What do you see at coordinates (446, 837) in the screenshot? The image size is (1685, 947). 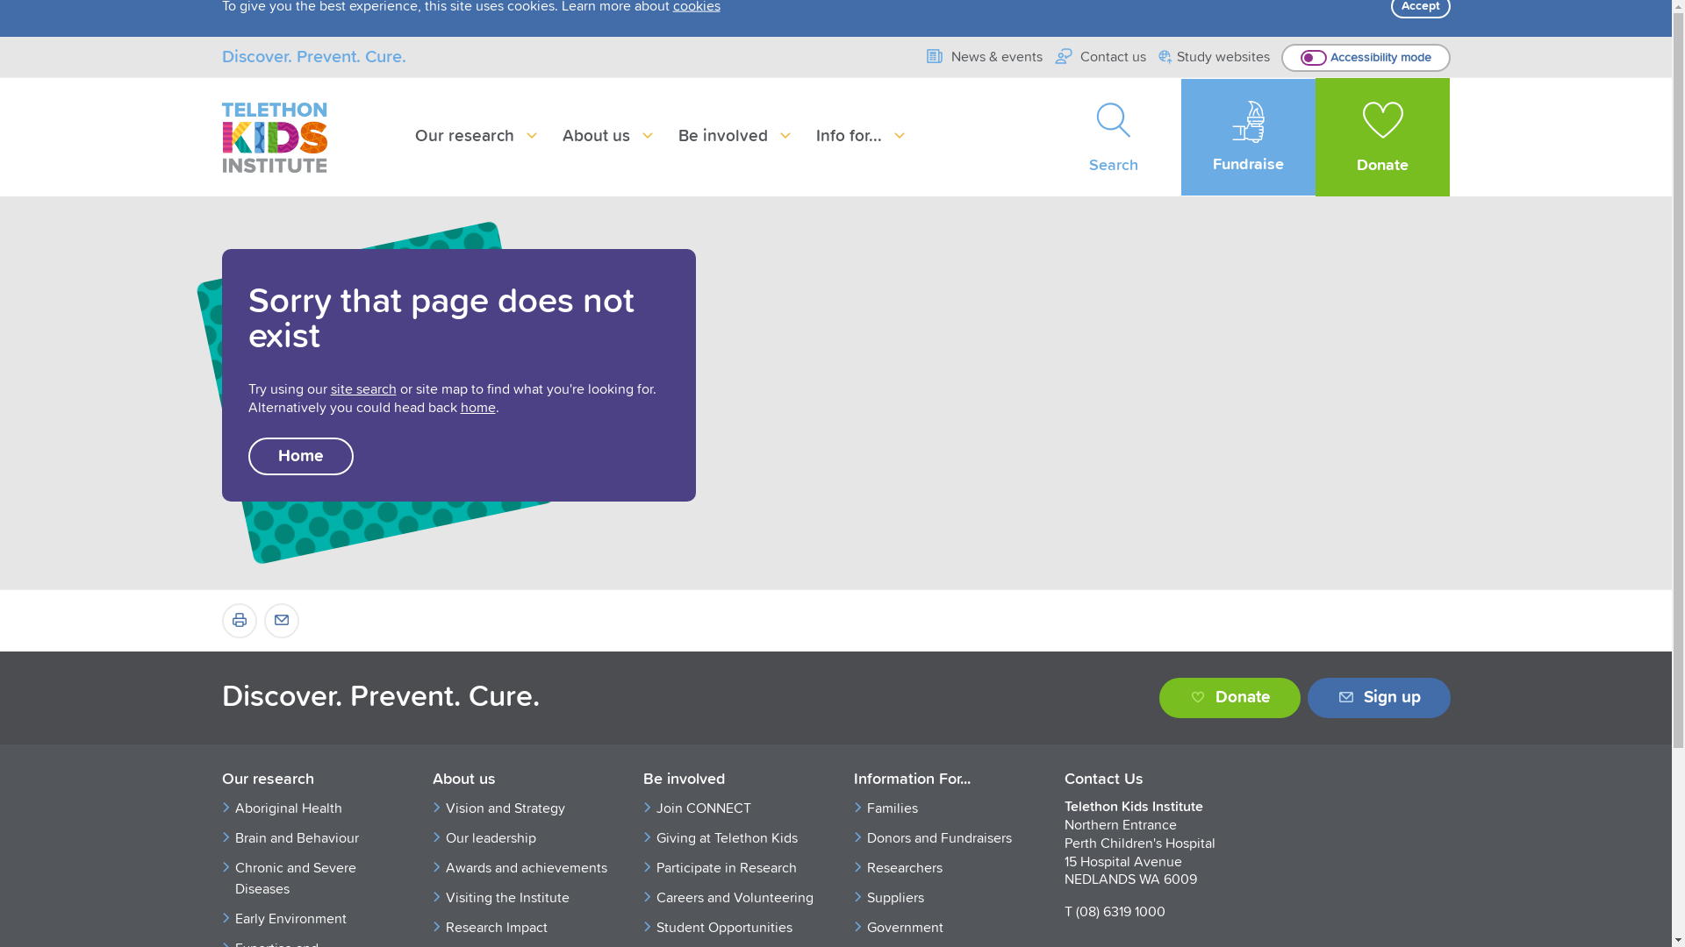 I see `'Our leadership'` at bounding box center [446, 837].